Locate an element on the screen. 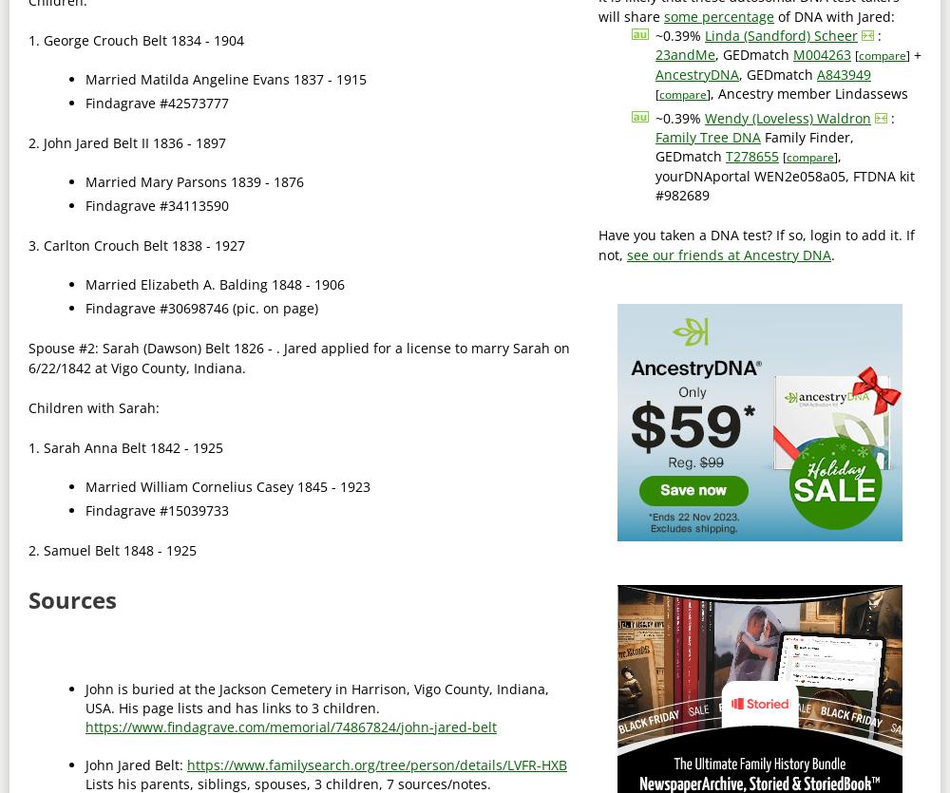 The width and height of the screenshot is (950, 793). '2. John Jared Belt II 1836 - 1897' is located at coordinates (127, 142).